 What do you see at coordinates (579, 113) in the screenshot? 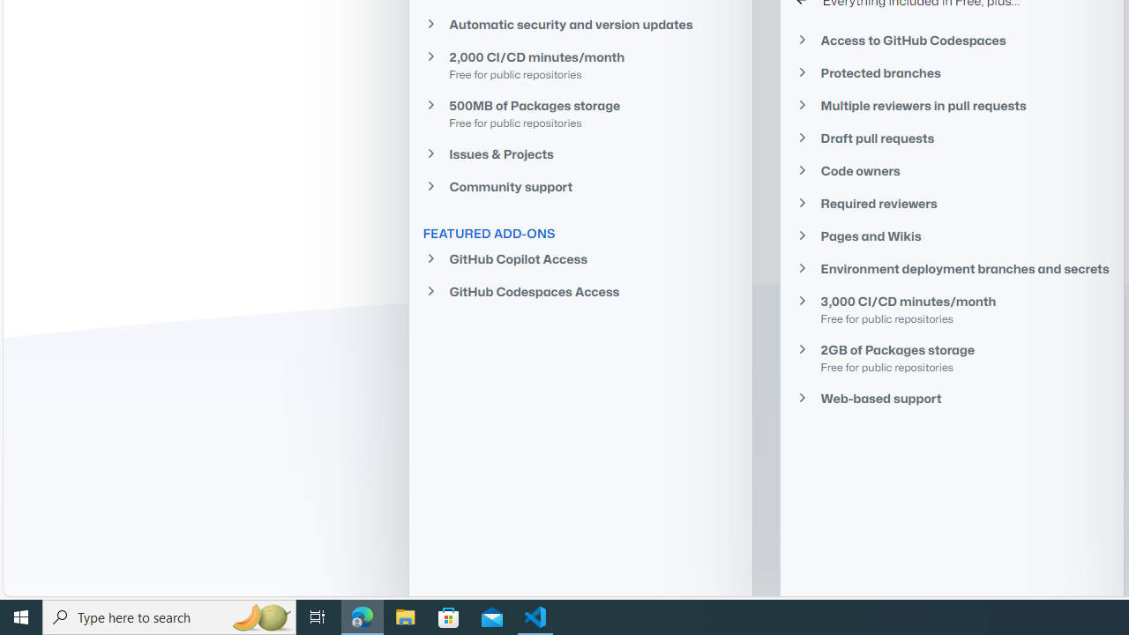
I see `'500MB of Packages storageFree for public repositories'` at bounding box center [579, 113].